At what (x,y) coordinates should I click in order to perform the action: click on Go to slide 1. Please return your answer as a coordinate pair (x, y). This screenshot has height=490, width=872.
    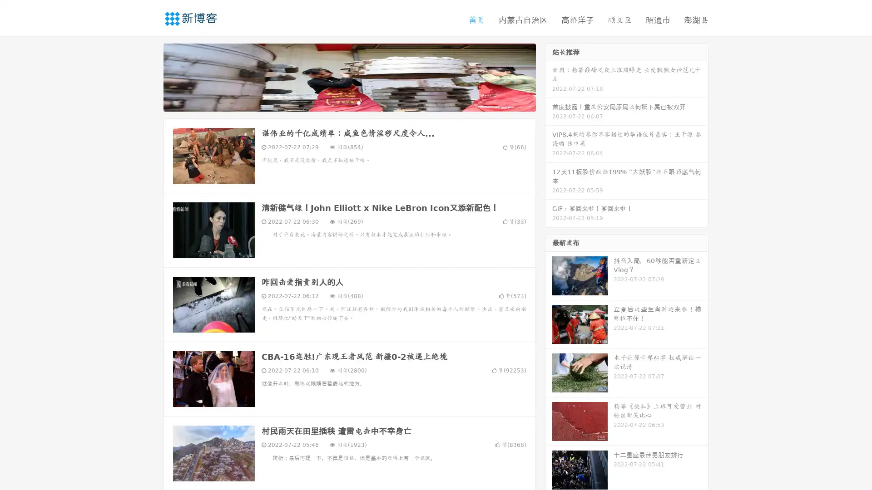
    Looking at the image, I should click on (340, 102).